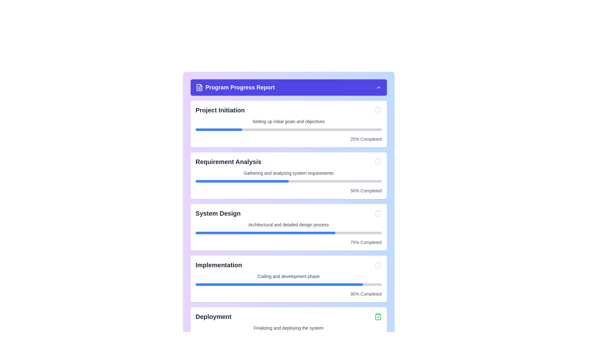 This screenshot has width=604, height=340. Describe the element at coordinates (242, 181) in the screenshot. I see `the progress represented by the blue-colored segment of the progress bar in the 'Requirement Analysis' section, which indicates 50% completion` at that location.